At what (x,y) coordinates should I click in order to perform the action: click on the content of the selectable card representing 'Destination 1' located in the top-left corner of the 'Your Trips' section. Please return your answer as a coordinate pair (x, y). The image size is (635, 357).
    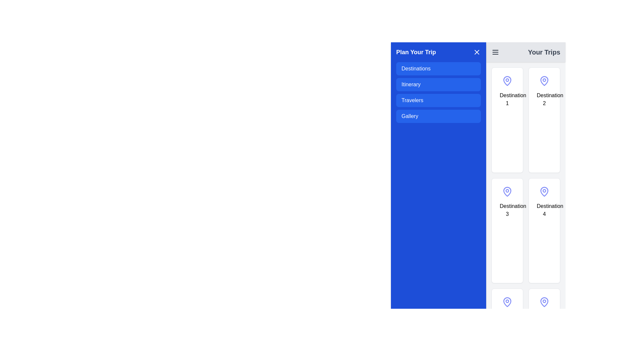
    Looking at the image, I should click on (507, 120).